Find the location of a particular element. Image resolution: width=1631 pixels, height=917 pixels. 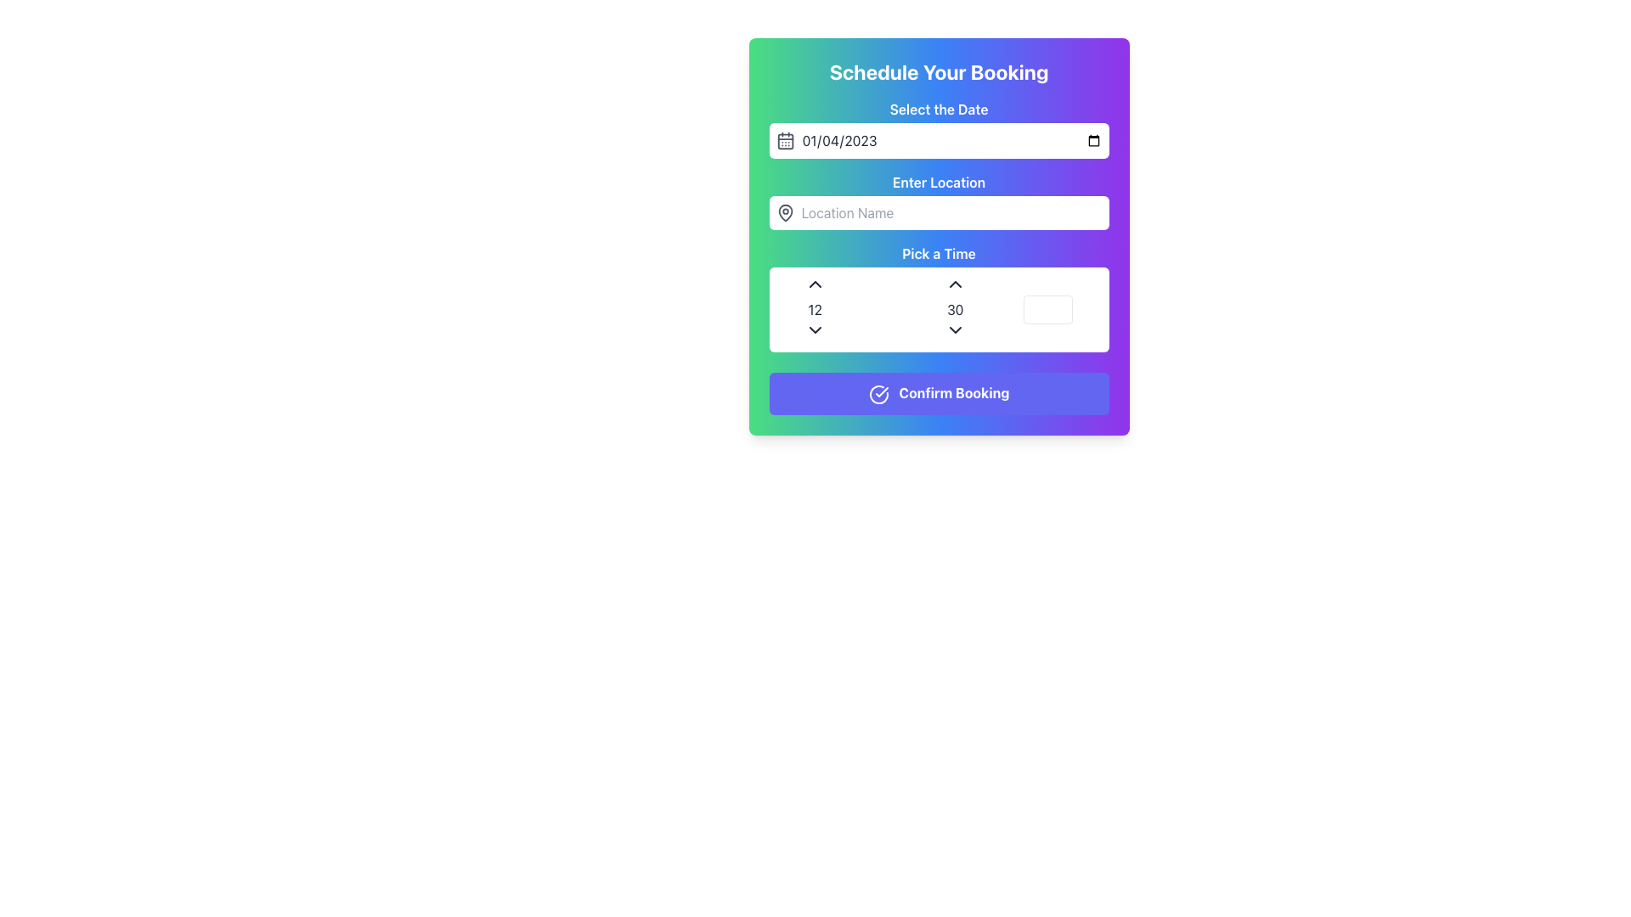

the 'Confirm Booking' button located at the bottom of the 'Schedule Your Booking' form is located at coordinates (938, 393).